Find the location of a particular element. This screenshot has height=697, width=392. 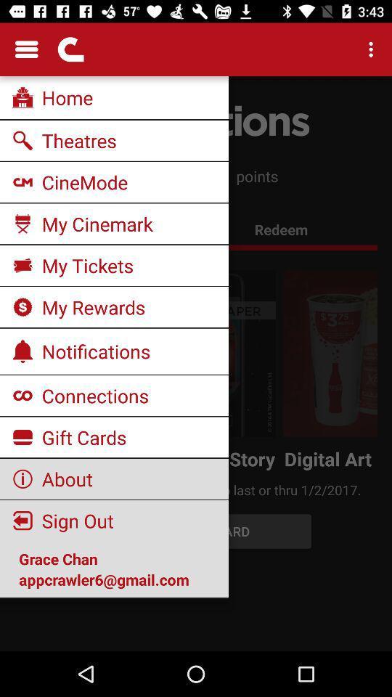

the second icon which is below bell icon is located at coordinates (23, 436).